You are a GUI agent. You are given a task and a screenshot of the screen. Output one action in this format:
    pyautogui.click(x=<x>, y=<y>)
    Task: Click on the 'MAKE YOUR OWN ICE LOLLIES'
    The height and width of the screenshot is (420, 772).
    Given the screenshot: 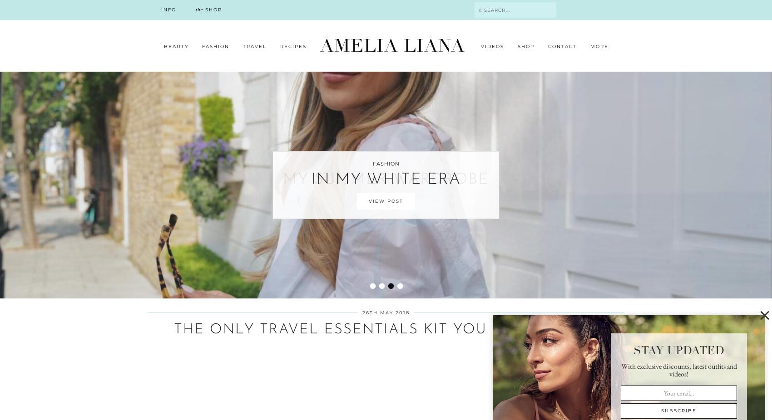 What is the action you would take?
    pyautogui.click(x=227, y=277)
    